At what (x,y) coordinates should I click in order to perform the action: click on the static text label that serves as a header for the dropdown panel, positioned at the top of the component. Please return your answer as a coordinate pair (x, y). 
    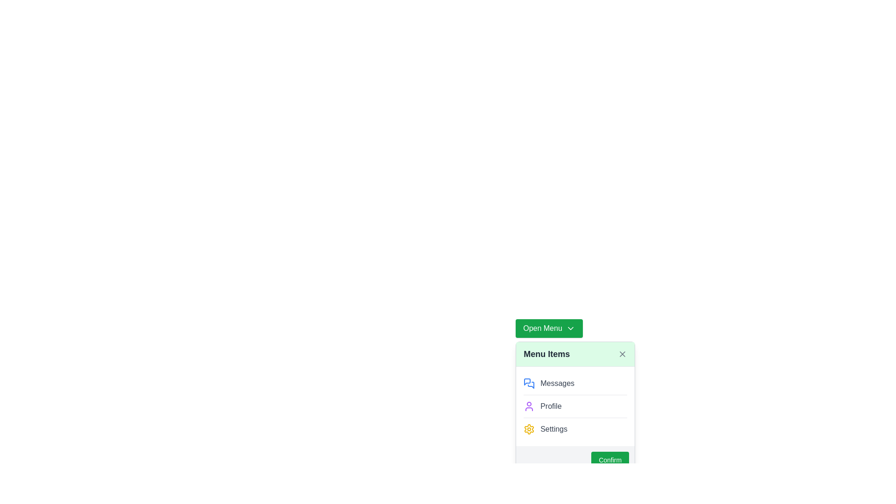
    Looking at the image, I should click on (546, 354).